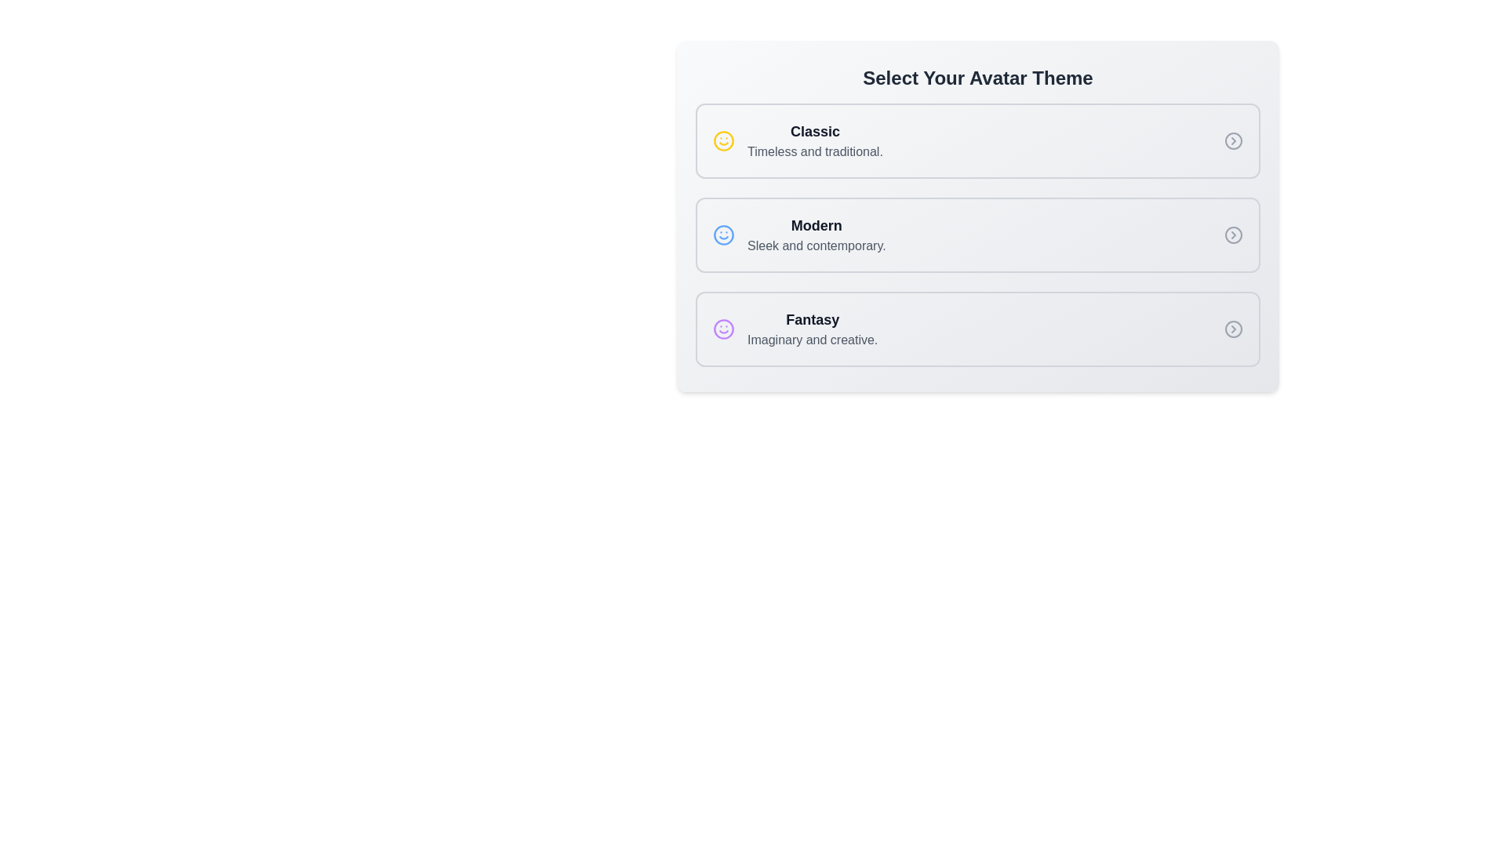 The width and height of the screenshot is (1506, 847). Describe the element at coordinates (813, 319) in the screenshot. I see `the Text Label that serves as the title of the 'Fantasy' section, which is positioned at the bottom of a vertical list of options, just above the descriptive text 'Imaginary and creative.'` at that location.